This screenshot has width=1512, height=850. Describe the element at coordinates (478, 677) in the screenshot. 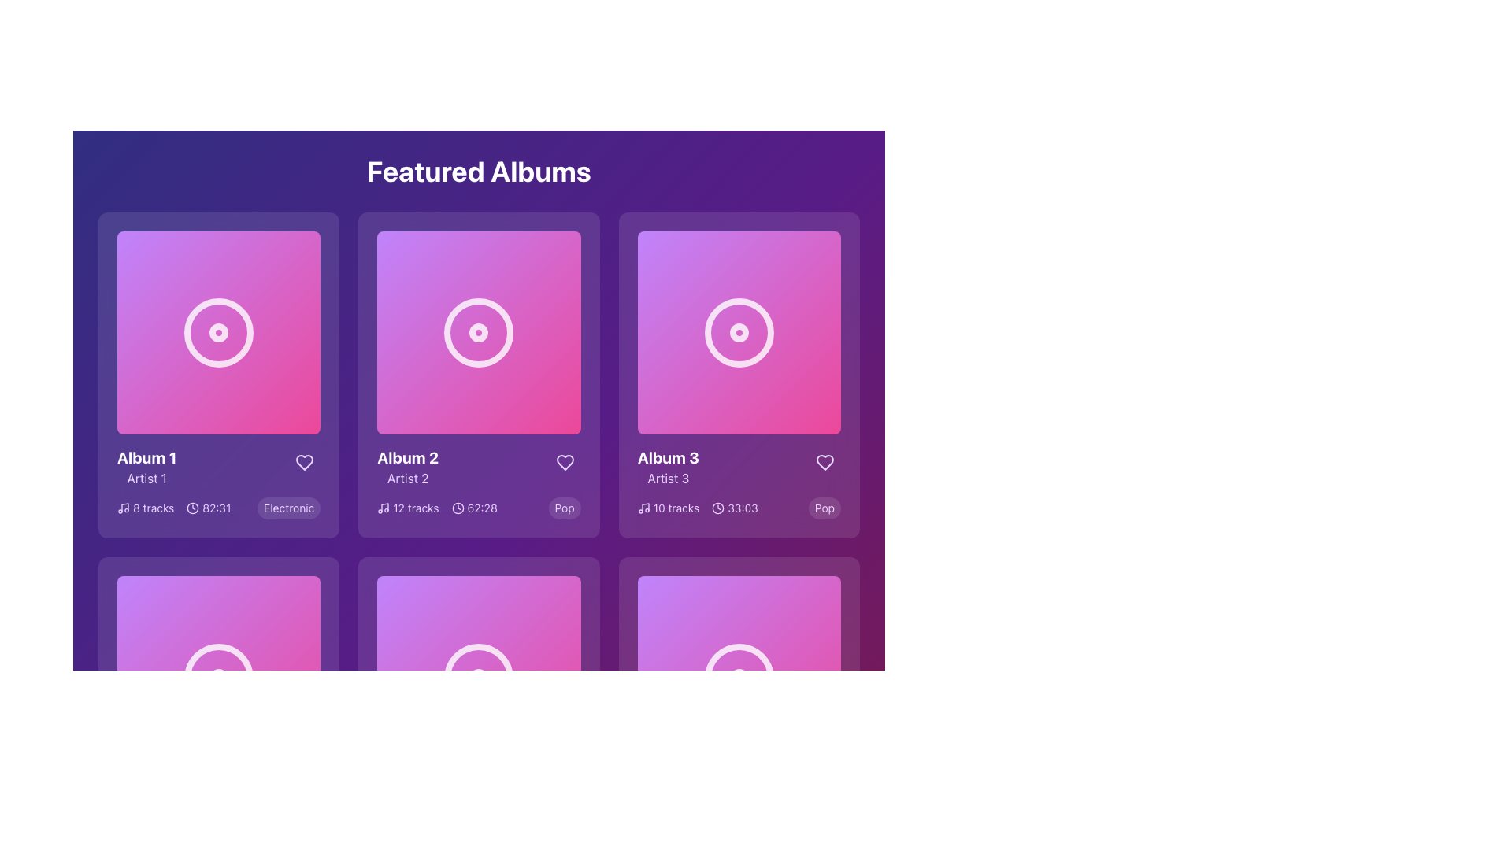

I see `the white circular decorative graphic element located in the bottom row, middle column of the album artwork grid` at that location.